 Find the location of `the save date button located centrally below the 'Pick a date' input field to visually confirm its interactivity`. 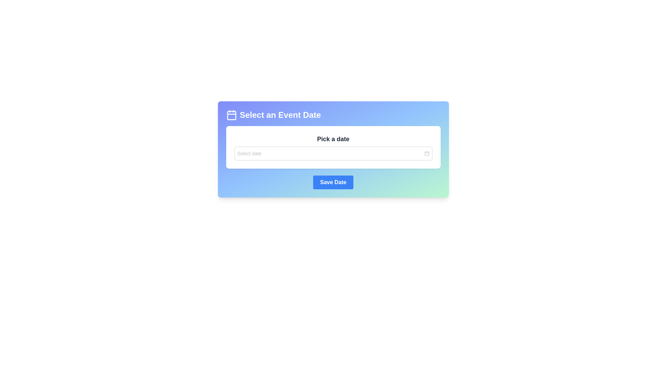

the save date button located centrally below the 'Pick a date' input field to visually confirm its interactivity is located at coordinates (333, 182).